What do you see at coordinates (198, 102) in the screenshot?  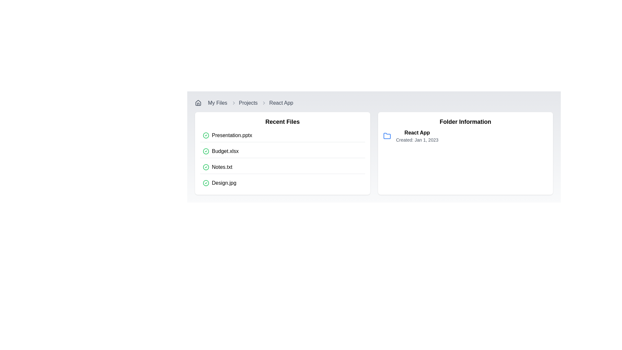 I see `the home icon button located in the breadcrumb navigation bar at the top-left, which is represented by a small outlined house icon` at bounding box center [198, 102].